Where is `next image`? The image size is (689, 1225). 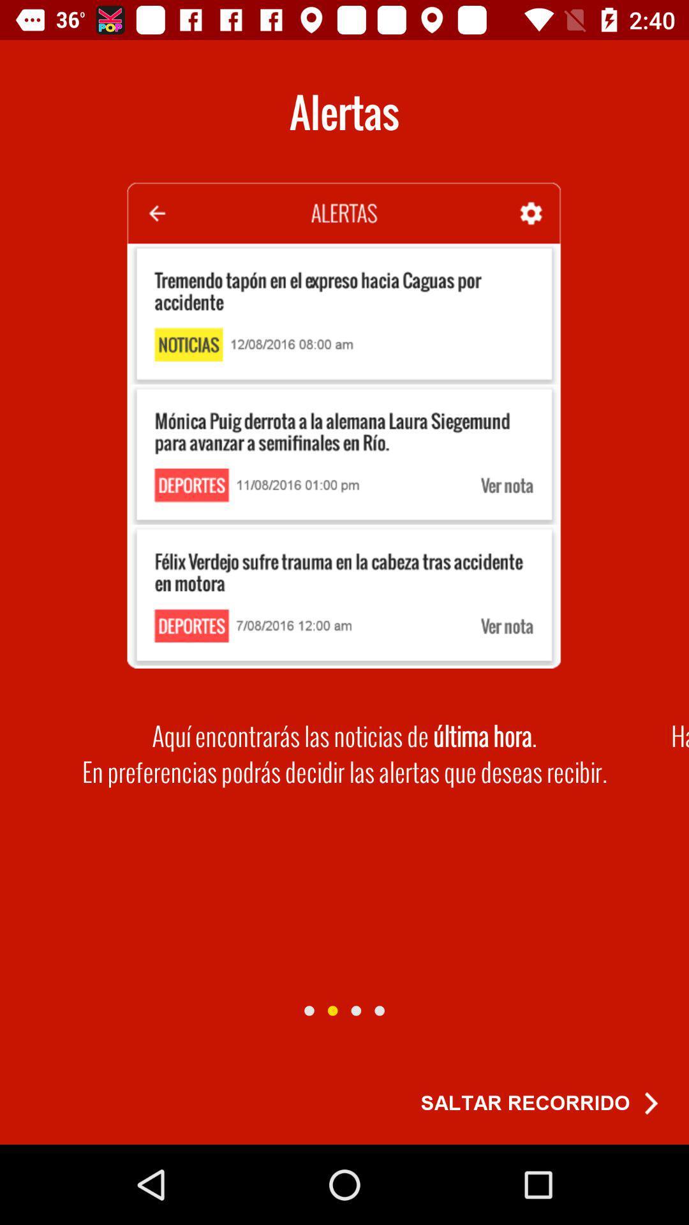
next image is located at coordinates (309, 1010).